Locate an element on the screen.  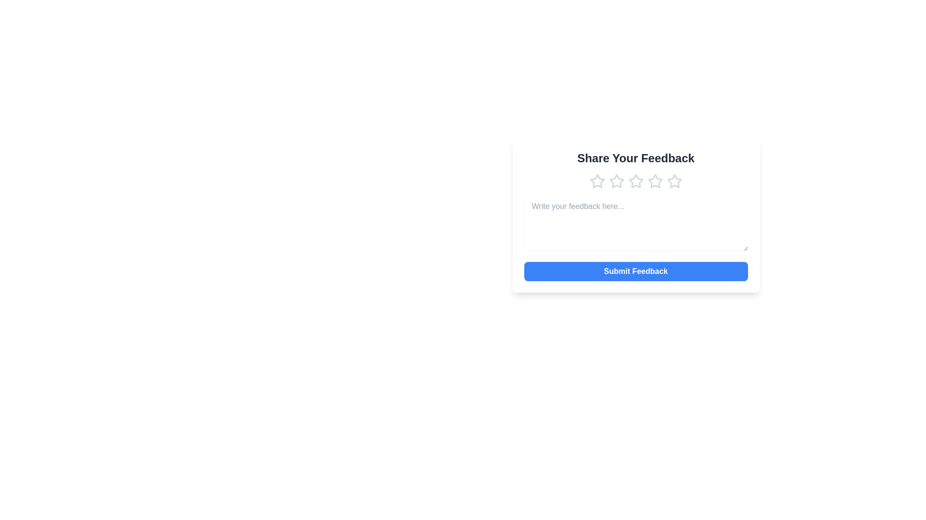
the second star icon from the left in the rating star row is located at coordinates (615, 181).